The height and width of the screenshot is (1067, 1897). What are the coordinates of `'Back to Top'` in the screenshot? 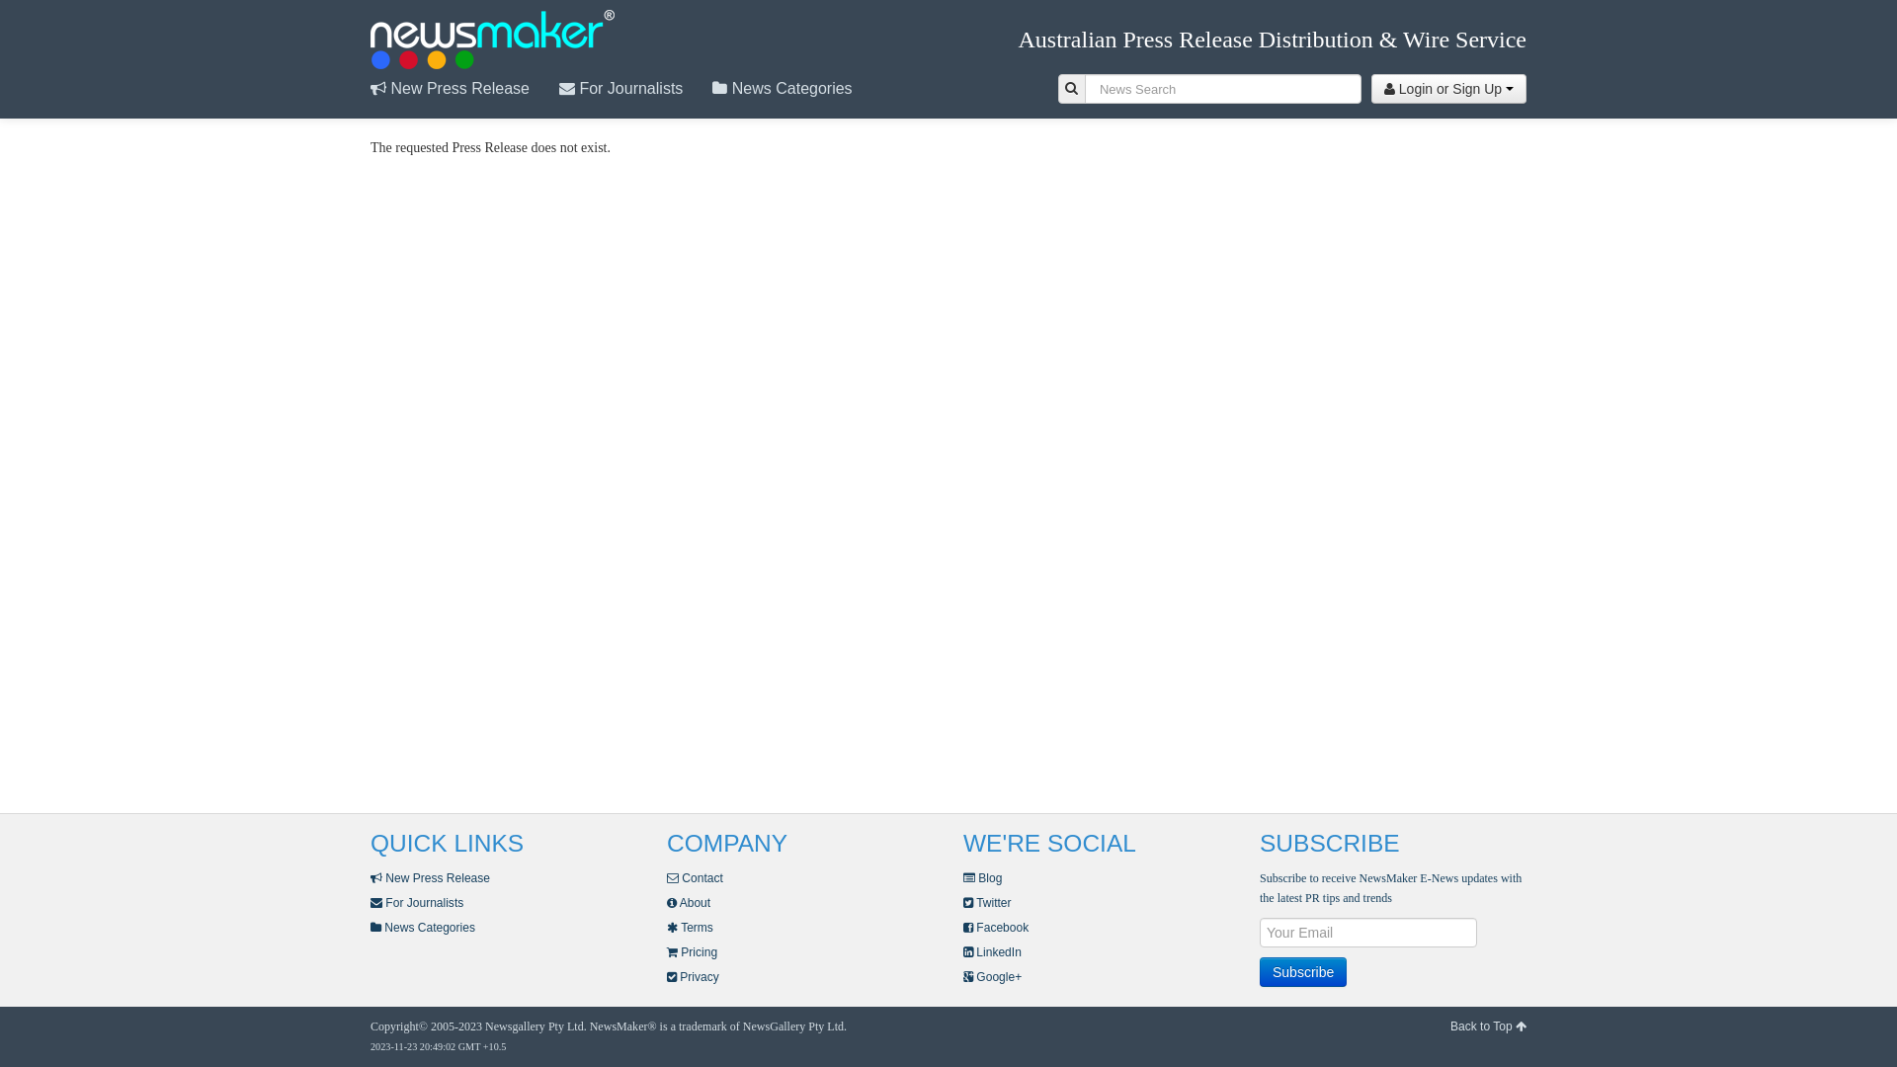 It's located at (1488, 1025).